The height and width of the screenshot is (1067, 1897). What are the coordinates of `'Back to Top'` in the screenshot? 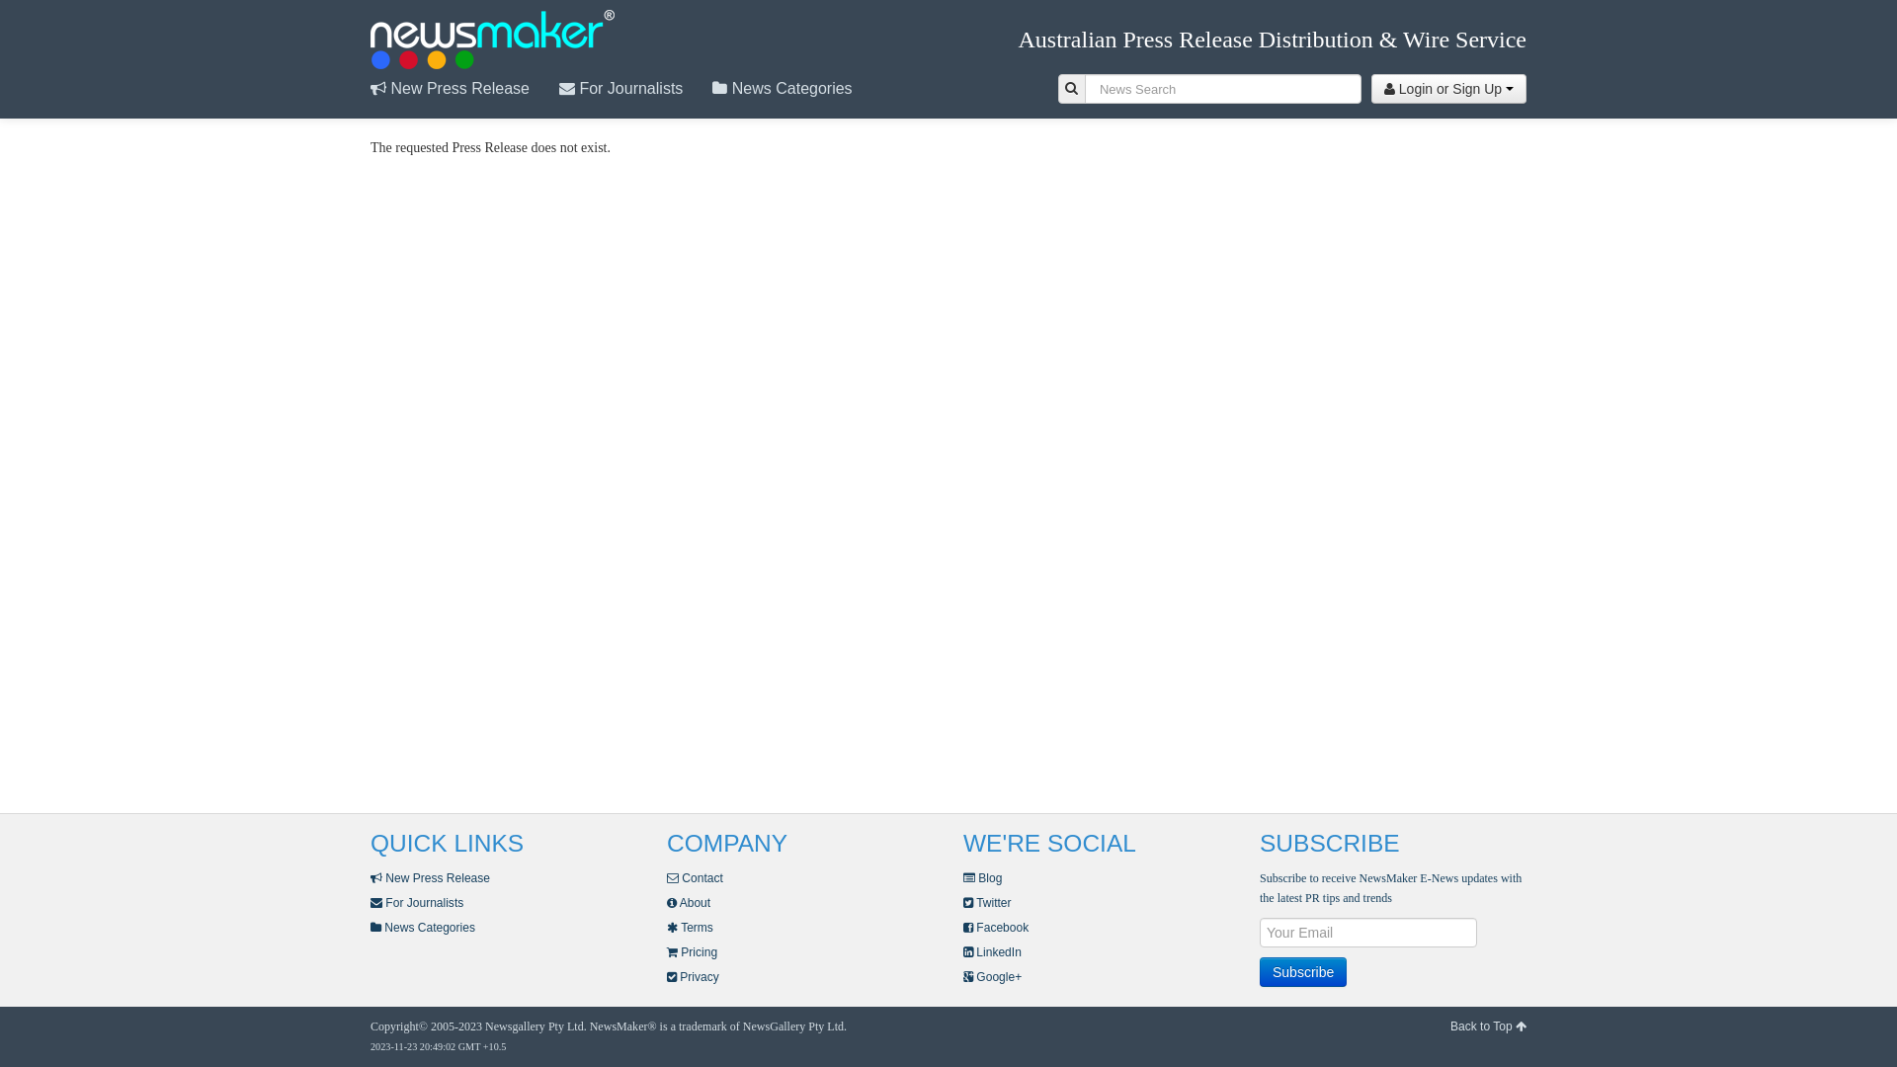 It's located at (1488, 1025).